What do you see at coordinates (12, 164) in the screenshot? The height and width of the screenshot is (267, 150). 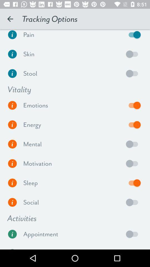 I see `info about motivation` at bounding box center [12, 164].